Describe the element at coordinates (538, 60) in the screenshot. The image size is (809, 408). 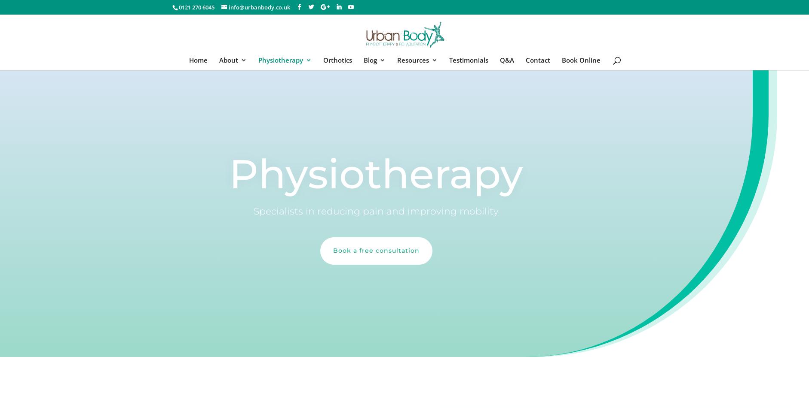
I see `'Contact'` at that location.